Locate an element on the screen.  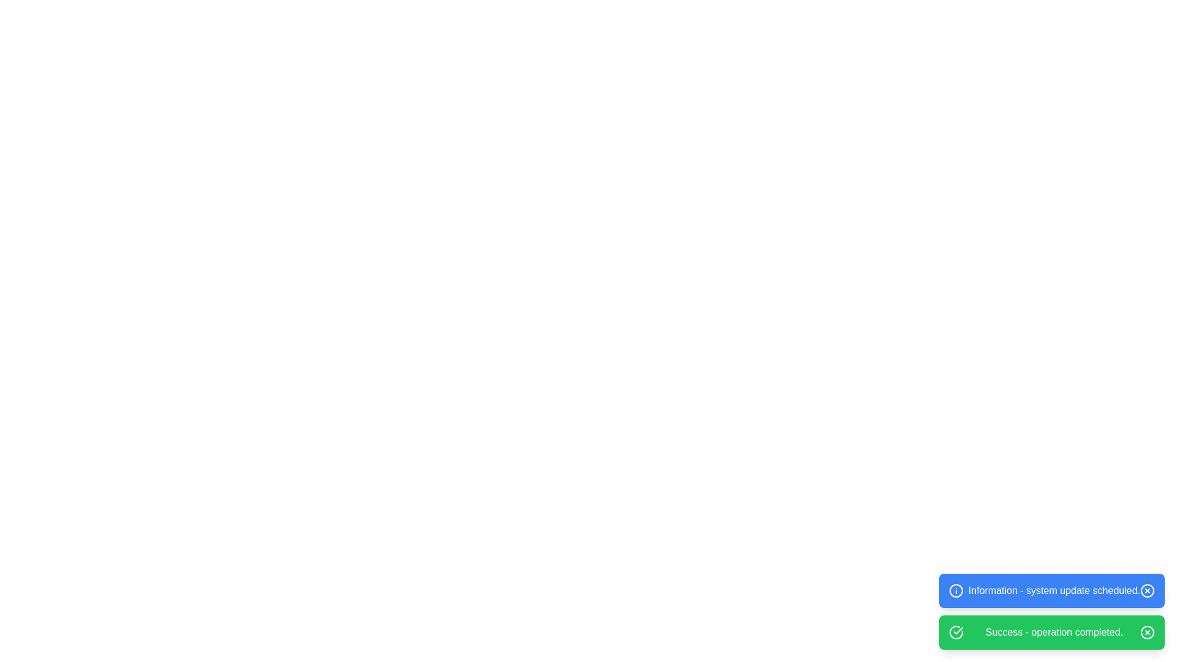
the circular icon located in the blue notification bar, which is positioned to the left of the text 'Information - system update scheduled.' is located at coordinates (955, 590).